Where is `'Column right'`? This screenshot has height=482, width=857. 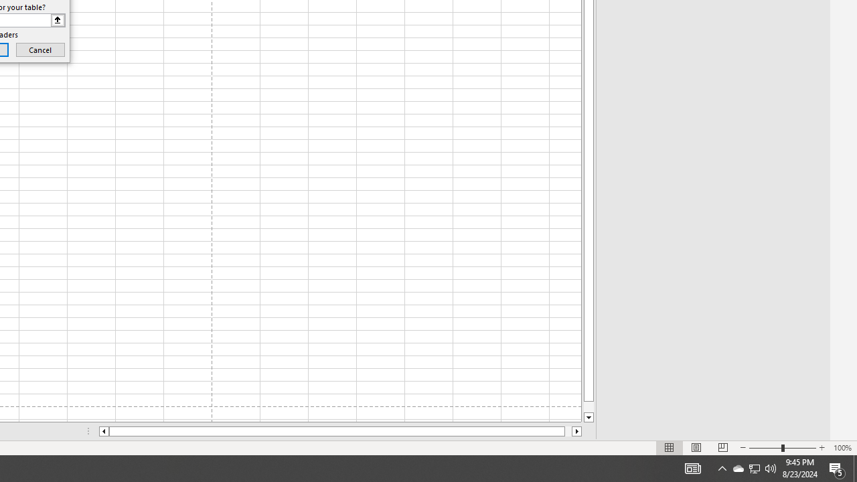
'Column right' is located at coordinates (577, 431).